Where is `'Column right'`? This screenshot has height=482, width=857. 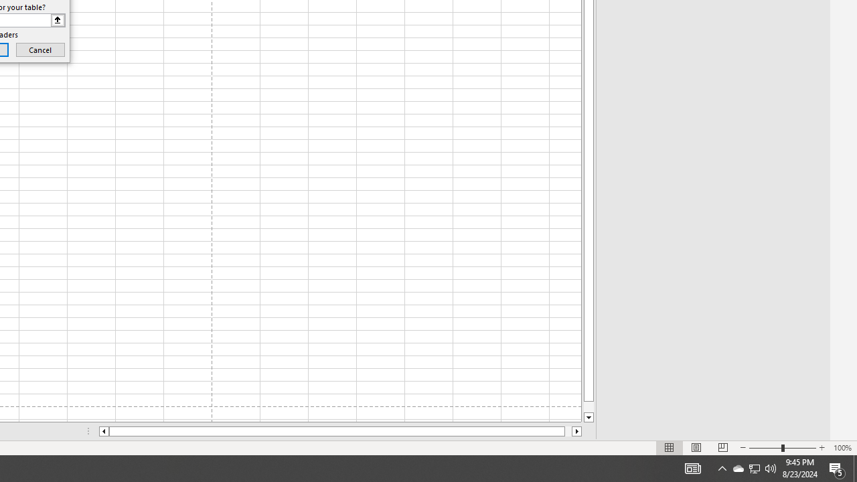
'Column right' is located at coordinates (577, 431).